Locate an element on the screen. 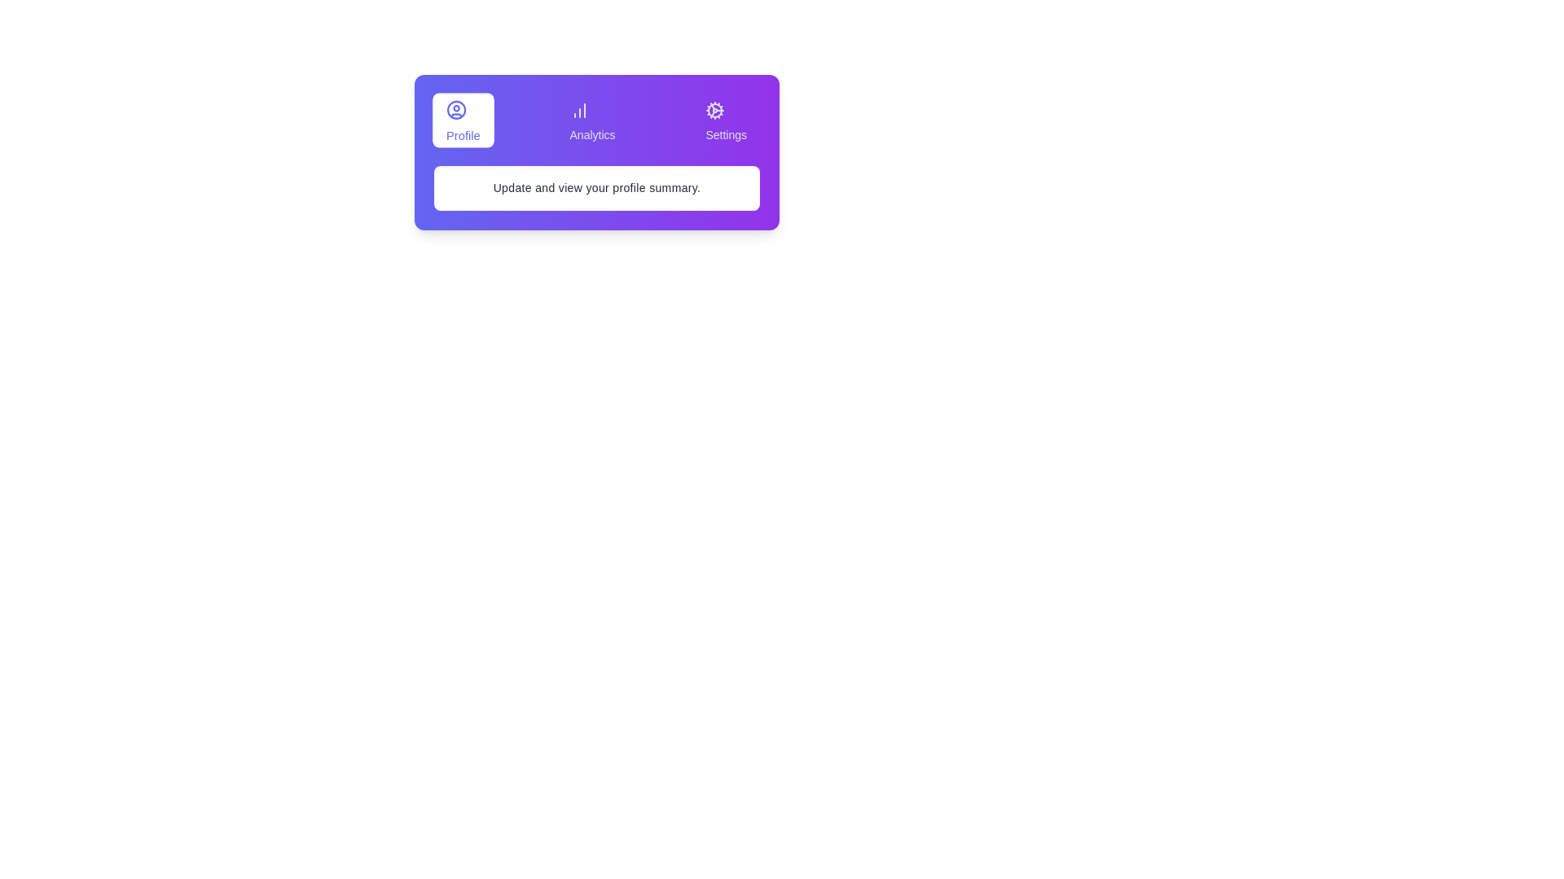 The image size is (1564, 879). the Settings tab to trigger hover effects is located at coordinates (725, 119).